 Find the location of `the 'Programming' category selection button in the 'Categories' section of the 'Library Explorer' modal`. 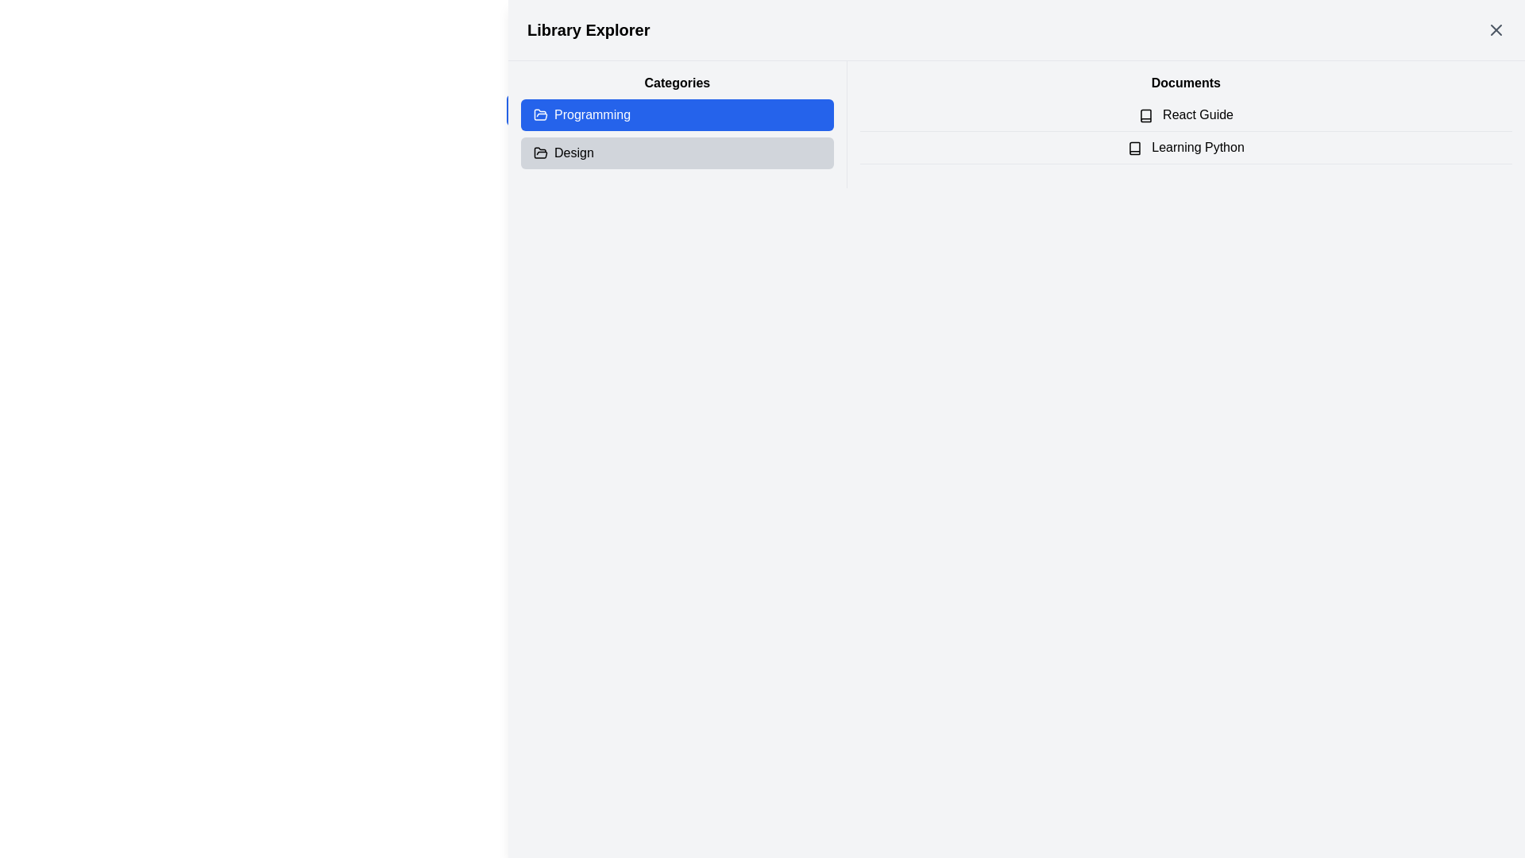

the 'Programming' category selection button in the 'Categories' section of the 'Library Explorer' modal is located at coordinates (550, 104).